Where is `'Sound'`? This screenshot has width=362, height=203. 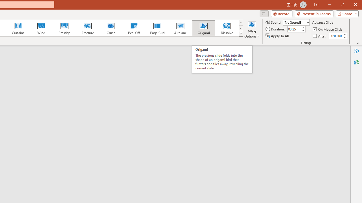
'Sound' is located at coordinates (296, 22).